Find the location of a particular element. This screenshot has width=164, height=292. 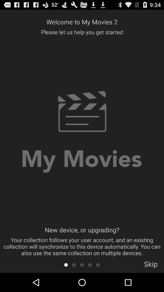

go next is located at coordinates (82, 264).